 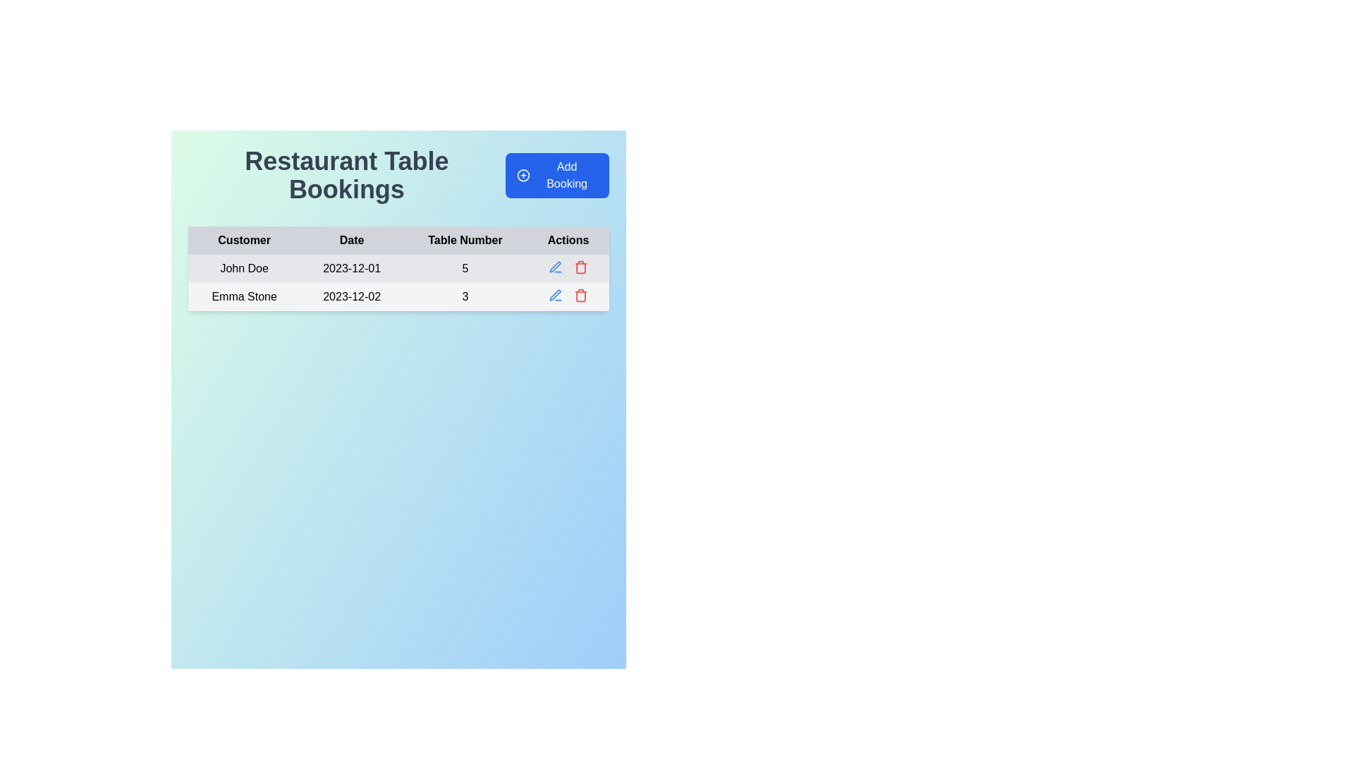 What do you see at coordinates (465, 239) in the screenshot?
I see `the text header element labeled 'Table Number', which is centrally aligned in the third column of the table header, positioned between 'Date' and 'Actions'` at bounding box center [465, 239].